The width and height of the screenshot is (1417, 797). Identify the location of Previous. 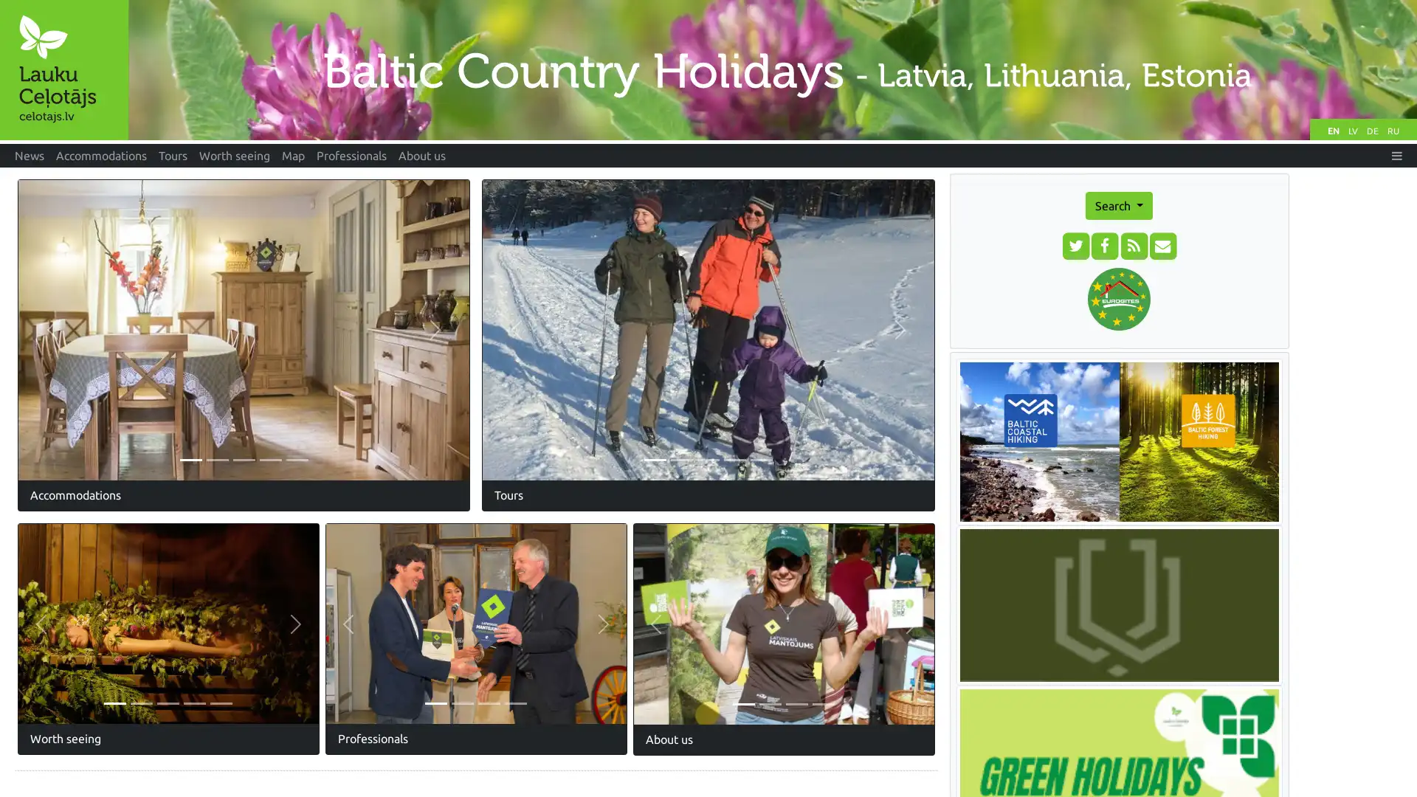
(52, 329).